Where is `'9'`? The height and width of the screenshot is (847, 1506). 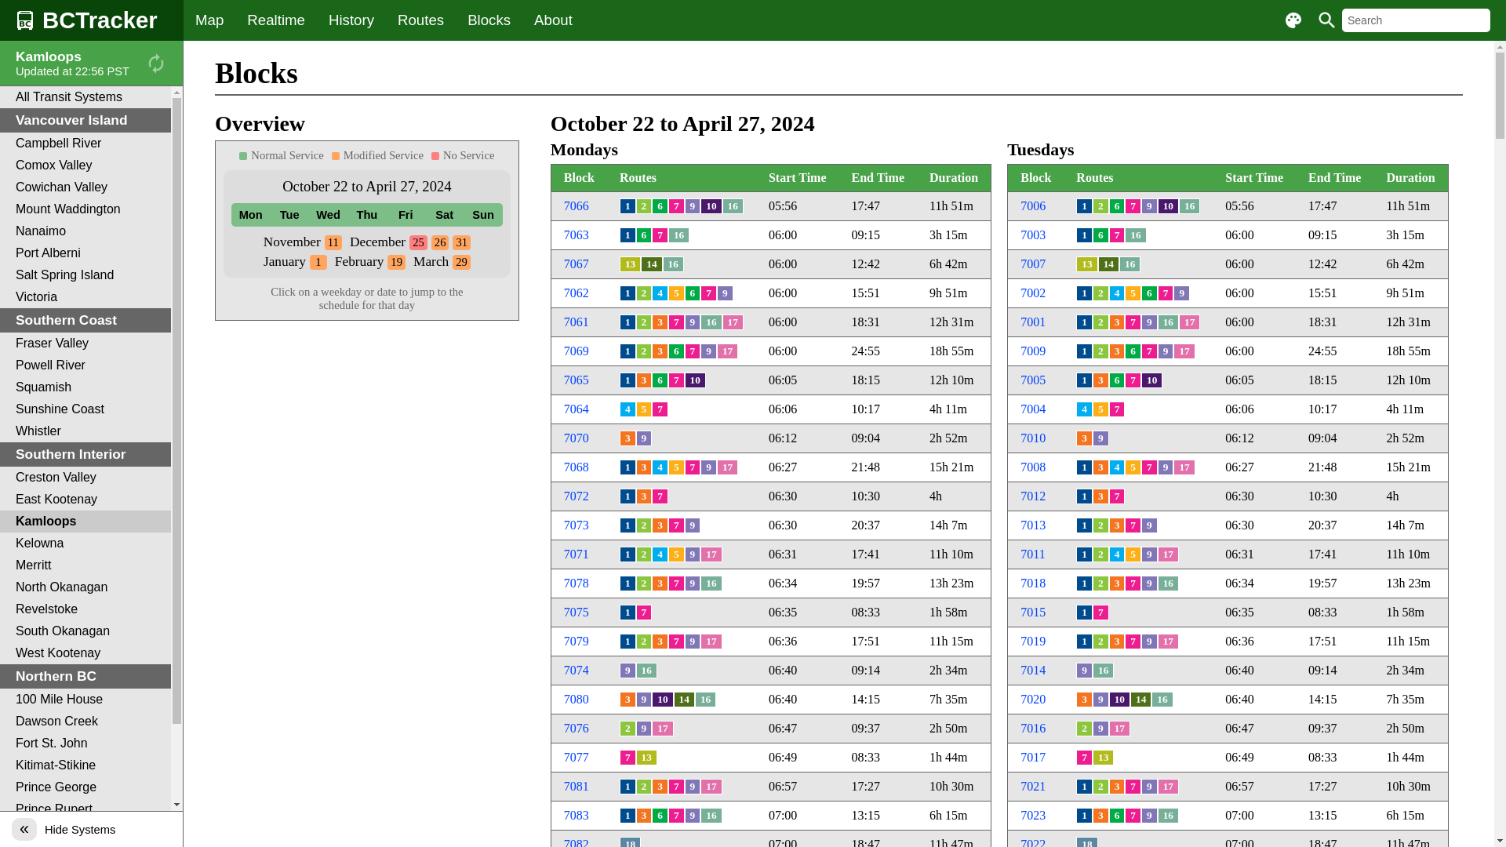
'9' is located at coordinates (1149, 525).